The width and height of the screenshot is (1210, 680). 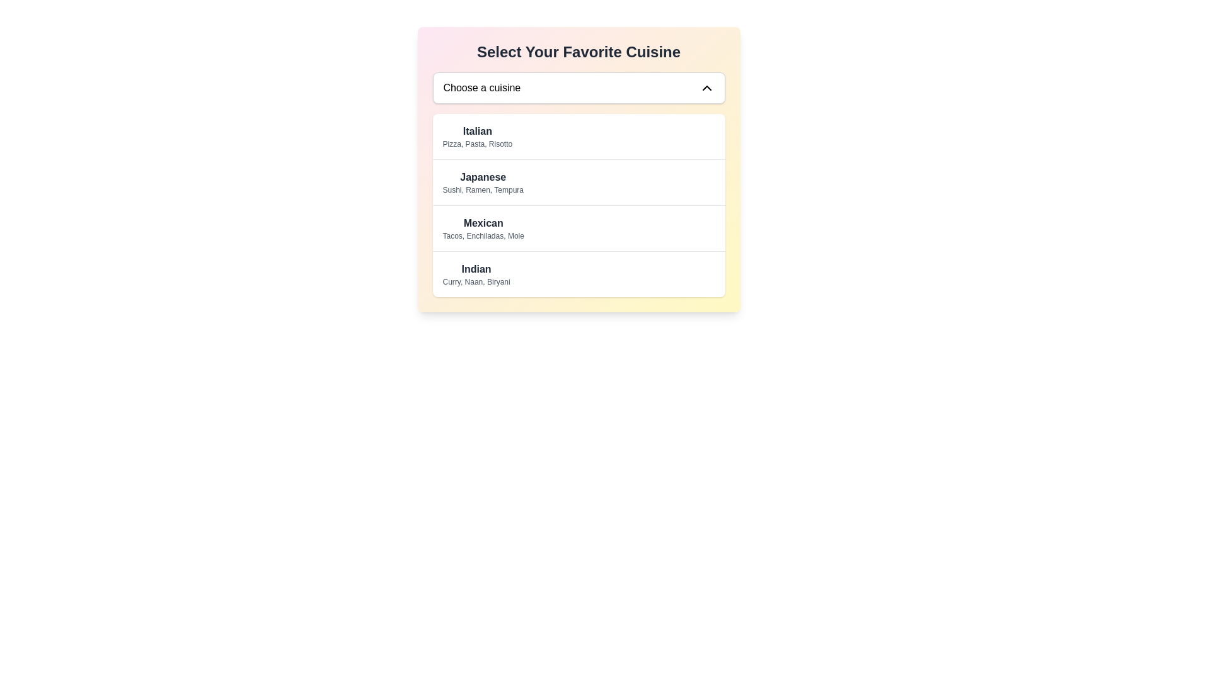 What do you see at coordinates (476, 131) in the screenshot?
I see `the 'Italian' cuisine label in the dropdown menu that identifies the category of Italian cuisine` at bounding box center [476, 131].